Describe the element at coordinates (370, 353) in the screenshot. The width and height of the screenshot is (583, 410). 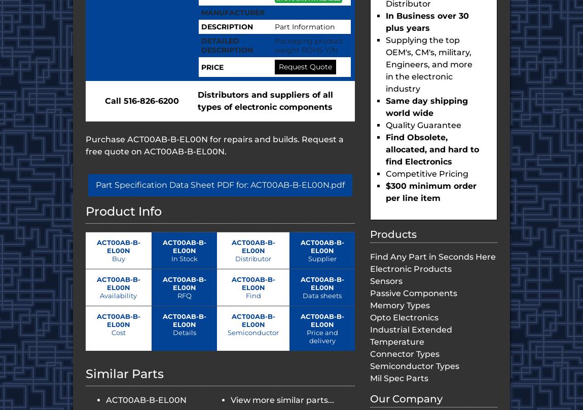
I see `'Connector Types'` at that location.